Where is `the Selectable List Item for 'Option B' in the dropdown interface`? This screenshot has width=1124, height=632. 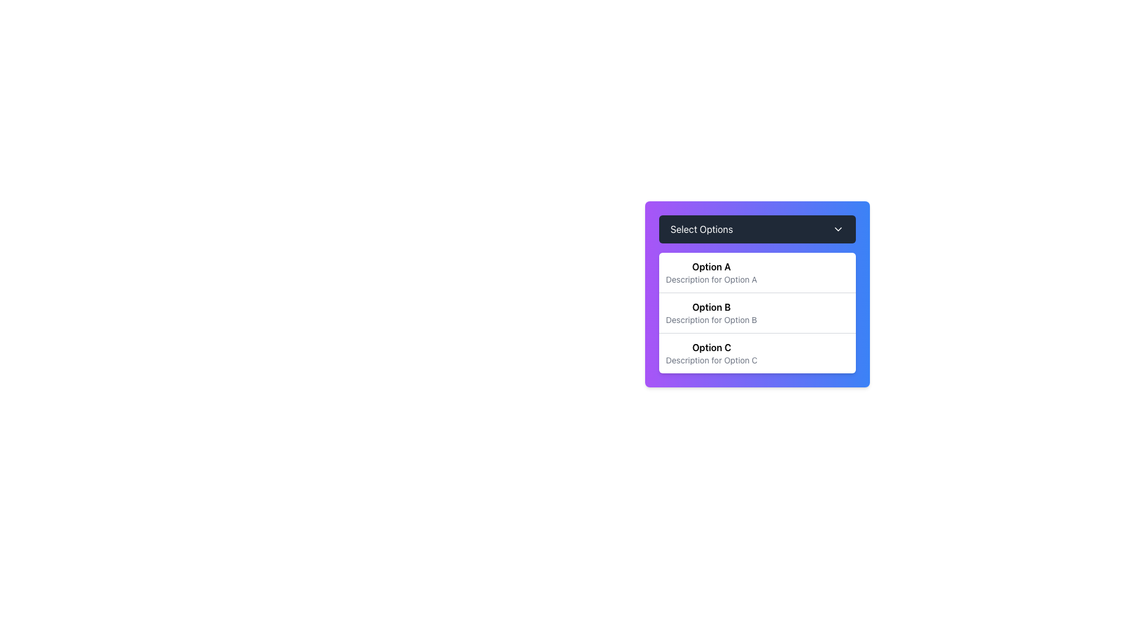 the Selectable List Item for 'Option B' in the dropdown interface is located at coordinates (757, 312).